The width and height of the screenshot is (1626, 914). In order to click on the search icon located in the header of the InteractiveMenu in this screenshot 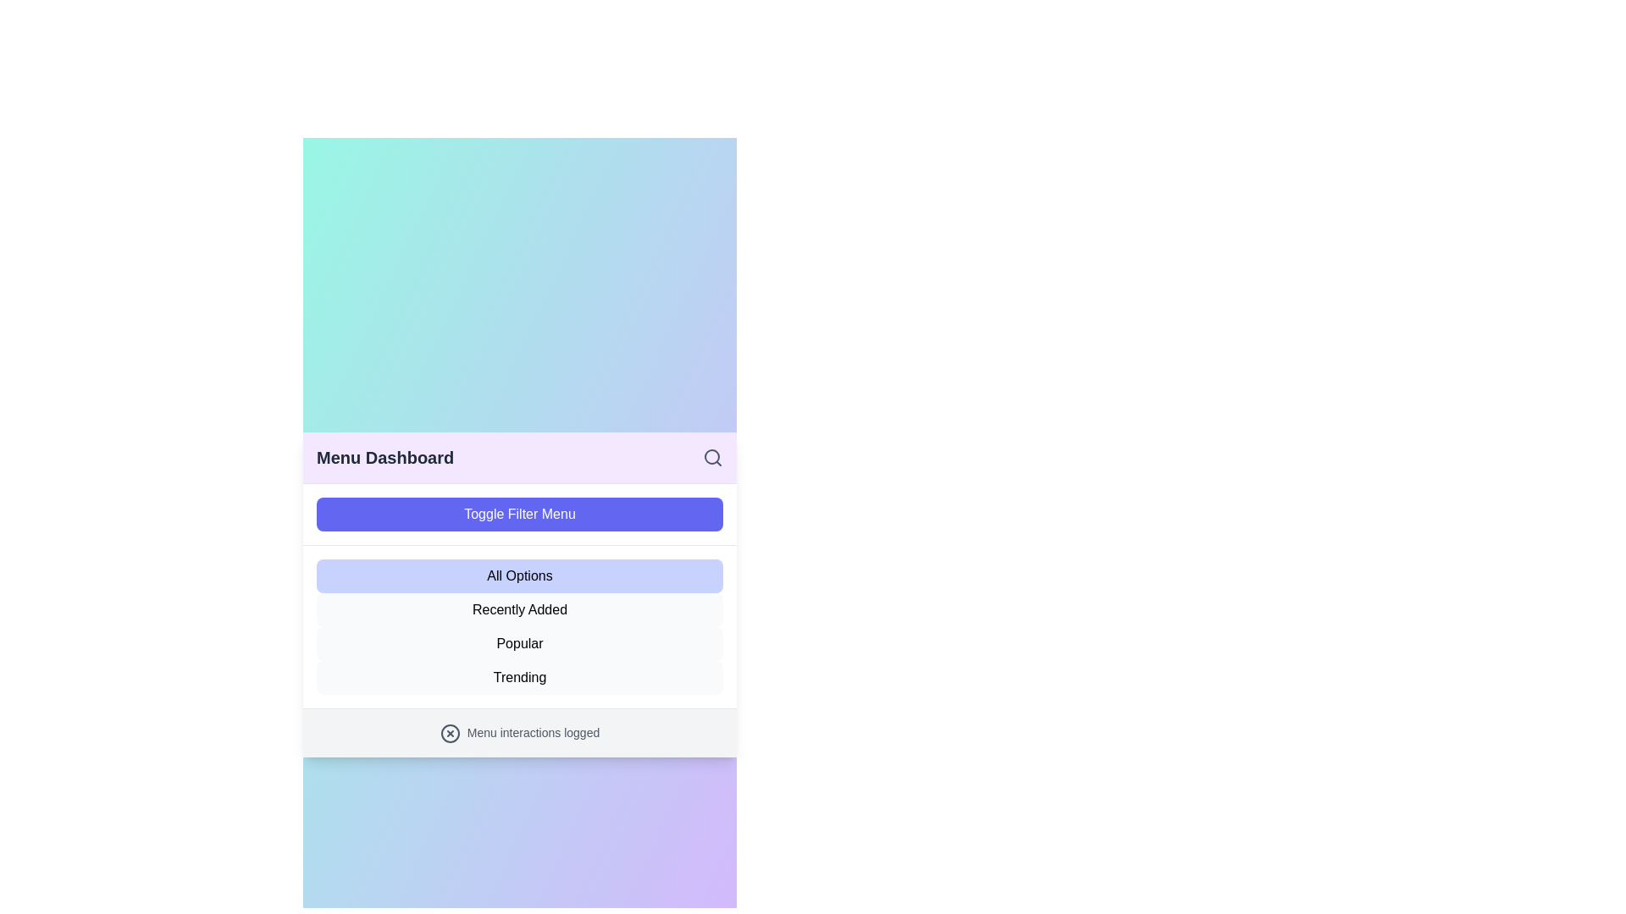, I will do `click(712, 457)`.